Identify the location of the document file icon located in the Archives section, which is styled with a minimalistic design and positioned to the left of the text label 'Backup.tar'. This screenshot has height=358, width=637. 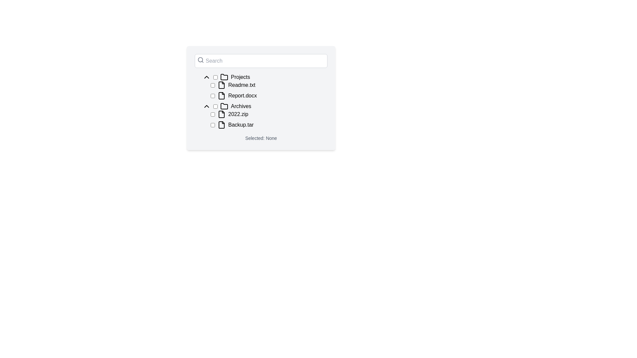
(221, 125).